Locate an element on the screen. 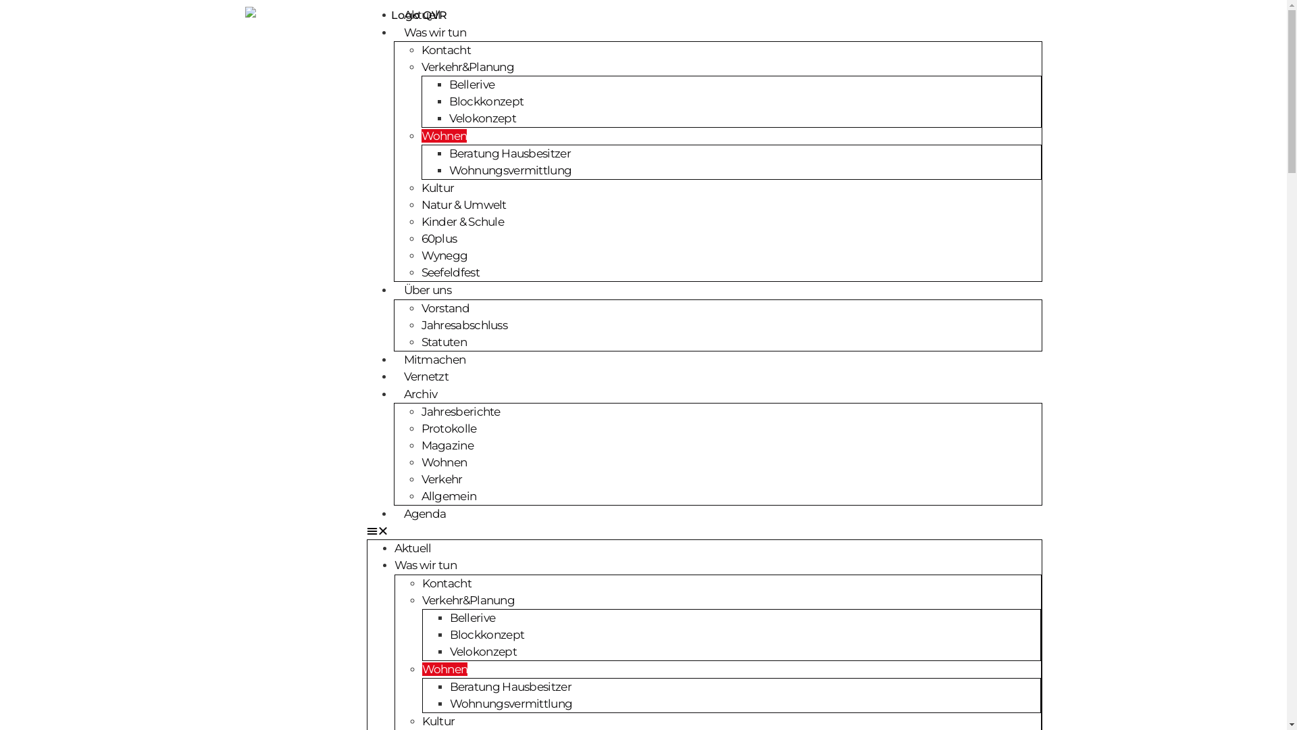  'Was wir tun' is located at coordinates (424, 565).